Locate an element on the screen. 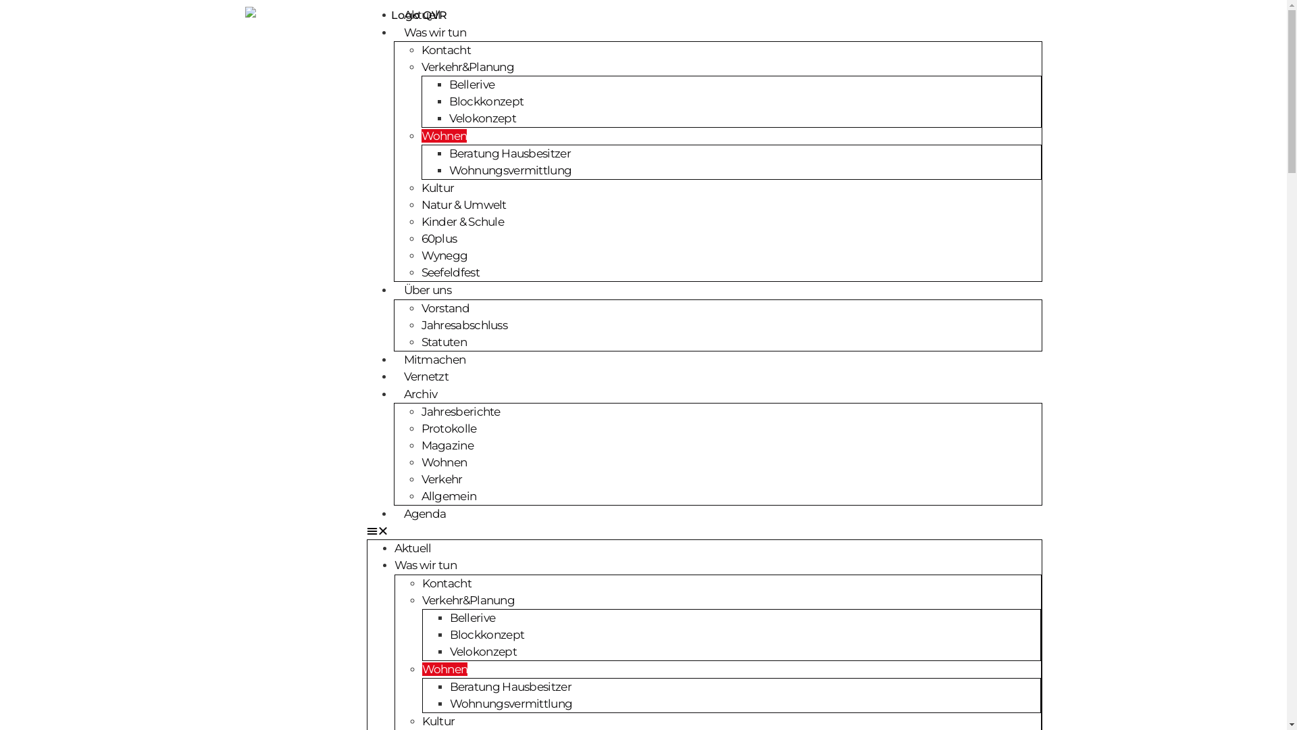  'Was wir tun' is located at coordinates (424, 565).